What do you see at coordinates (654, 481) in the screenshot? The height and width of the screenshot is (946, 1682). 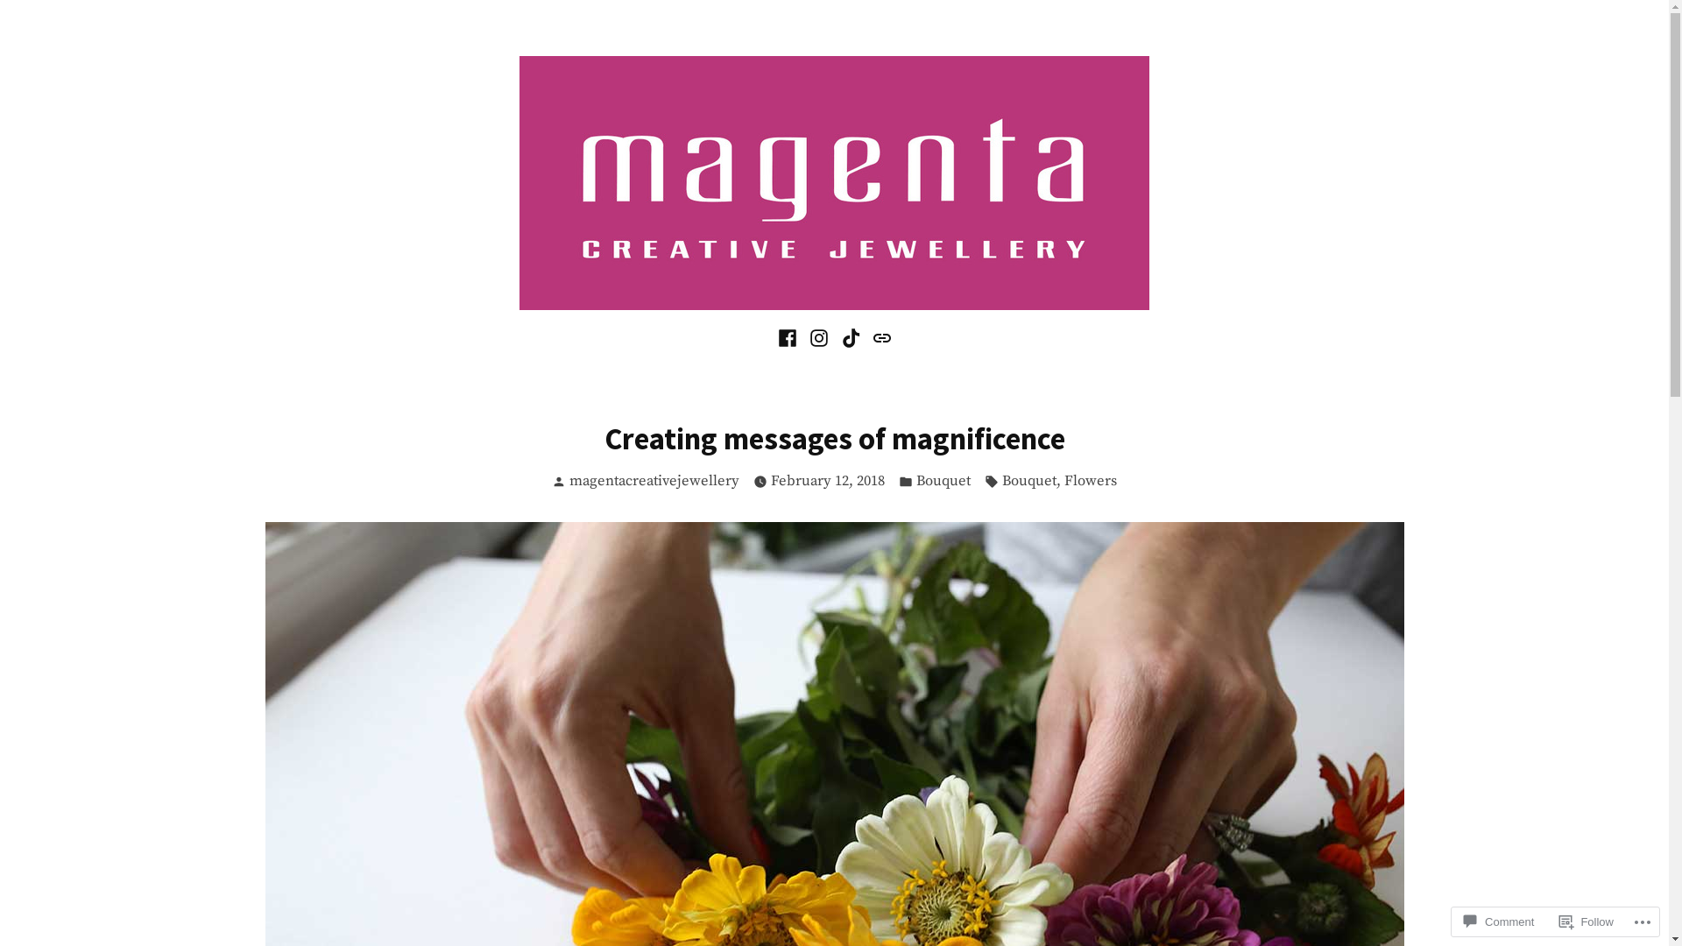 I see `'magentacreativejewellery'` at bounding box center [654, 481].